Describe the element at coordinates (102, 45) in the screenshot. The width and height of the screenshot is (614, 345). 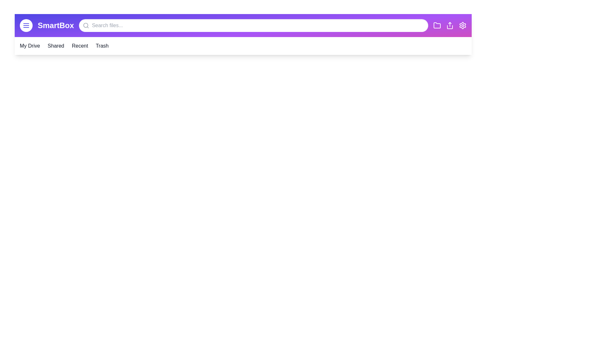
I see `the 'Trash' section to navigate to it` at that location.